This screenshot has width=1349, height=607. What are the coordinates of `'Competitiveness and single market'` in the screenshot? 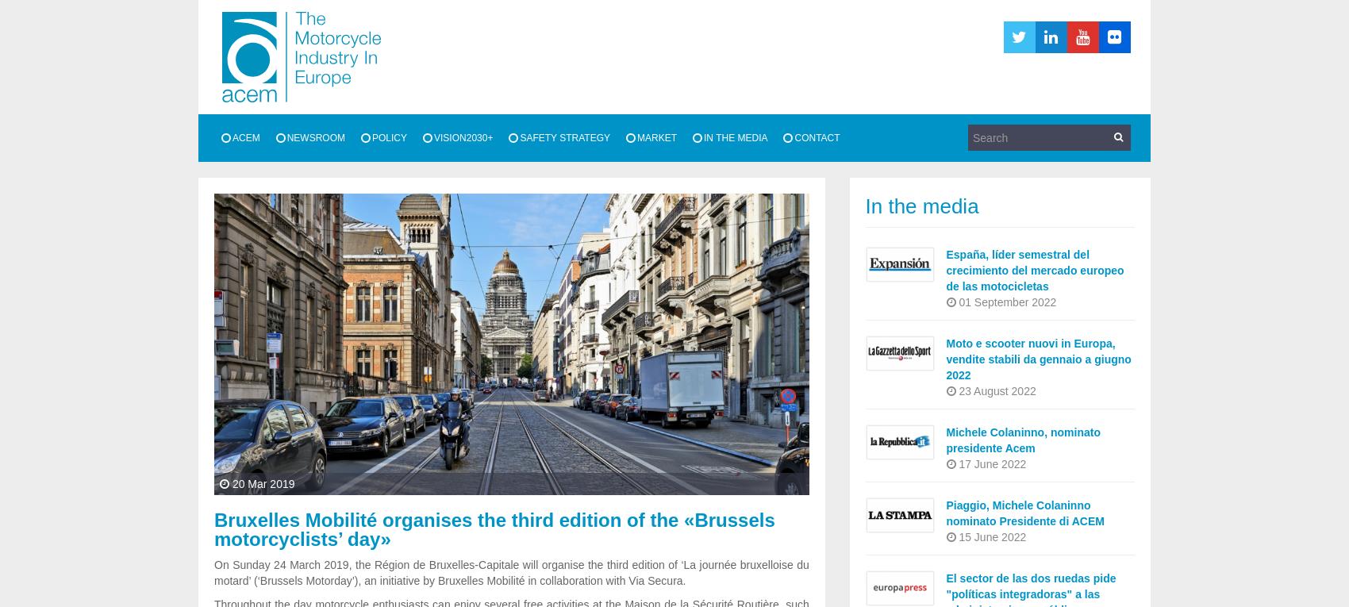 It's located at (431, 276).